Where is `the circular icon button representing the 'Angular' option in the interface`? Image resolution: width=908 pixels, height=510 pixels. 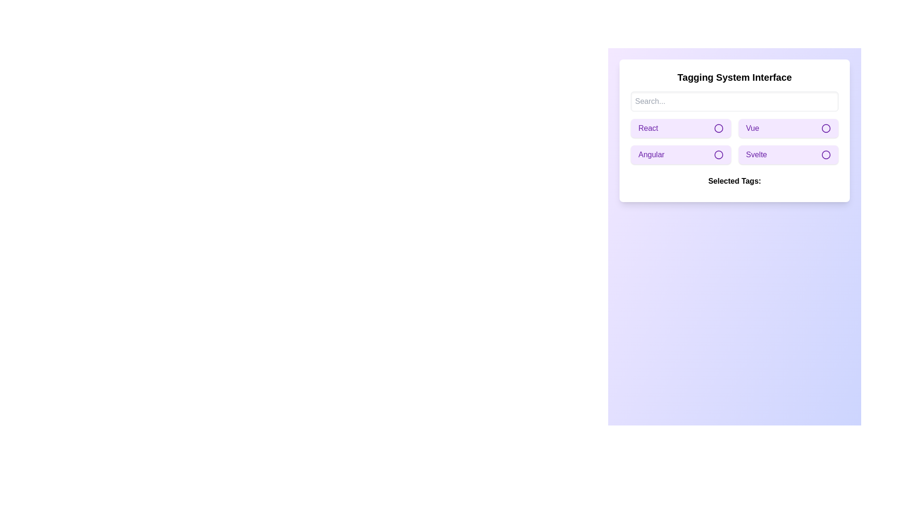
the circular icon button representing the 'Angular' option in the interface is located at coordinates (718, 154).